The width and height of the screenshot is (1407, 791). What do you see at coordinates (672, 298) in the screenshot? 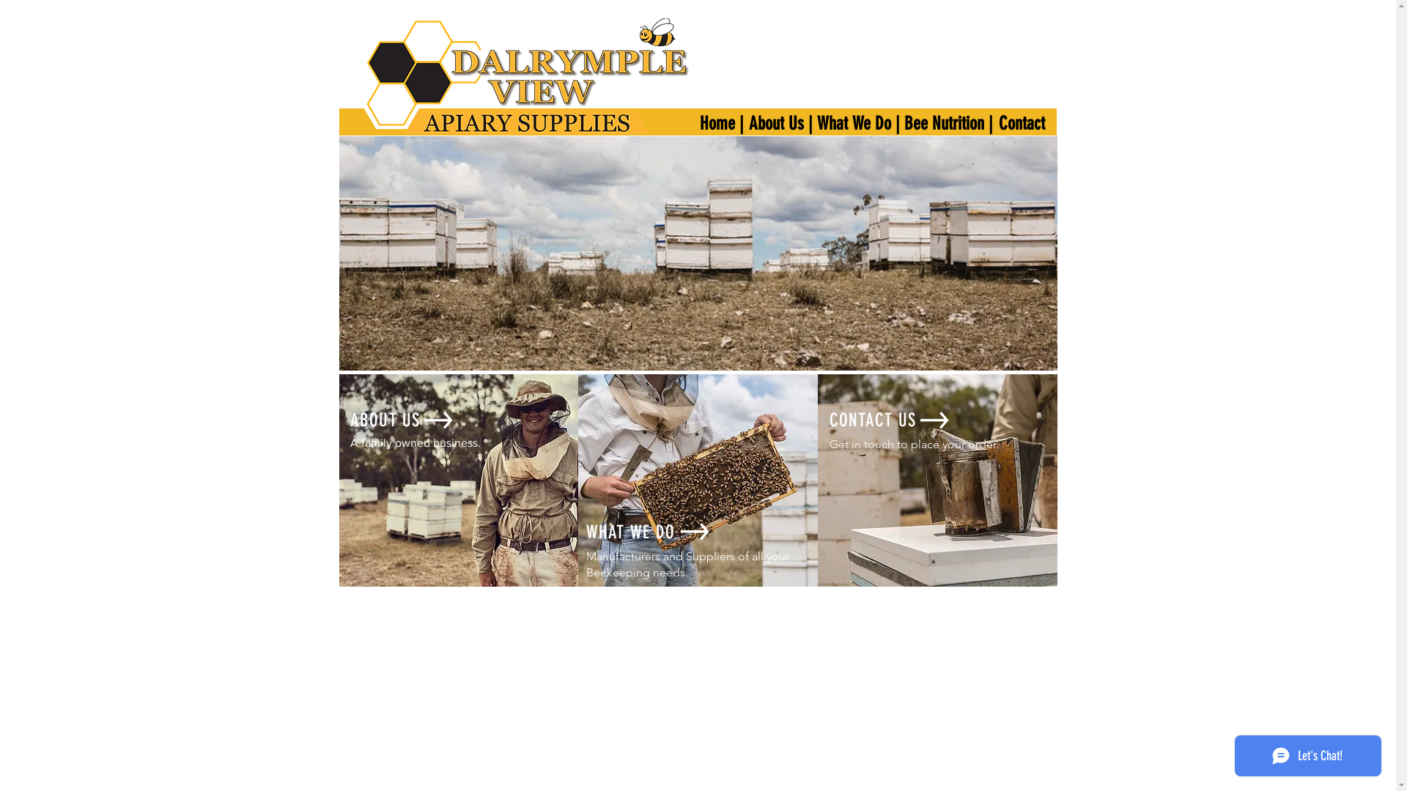
I see `'Embedded Content'` at bounding box center [672, 298].